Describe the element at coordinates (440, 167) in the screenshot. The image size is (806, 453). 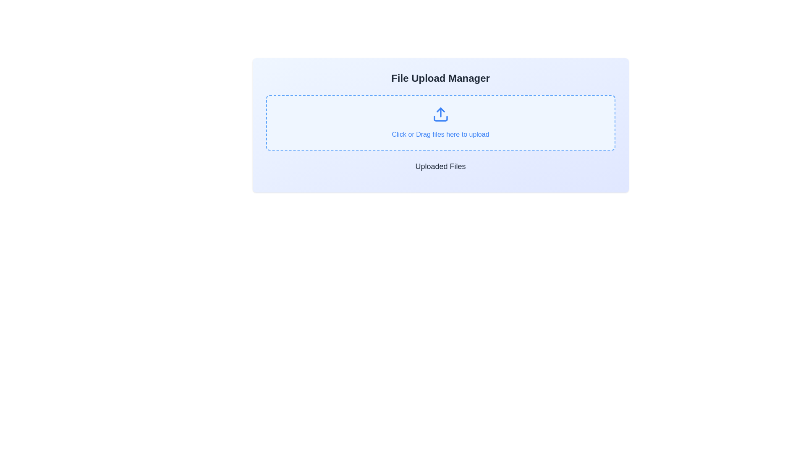
I see `the header label that serves as a section title for uploaded files, located directly below the drop-zone labeled 'Click or Drag files here to upload'` at that location.